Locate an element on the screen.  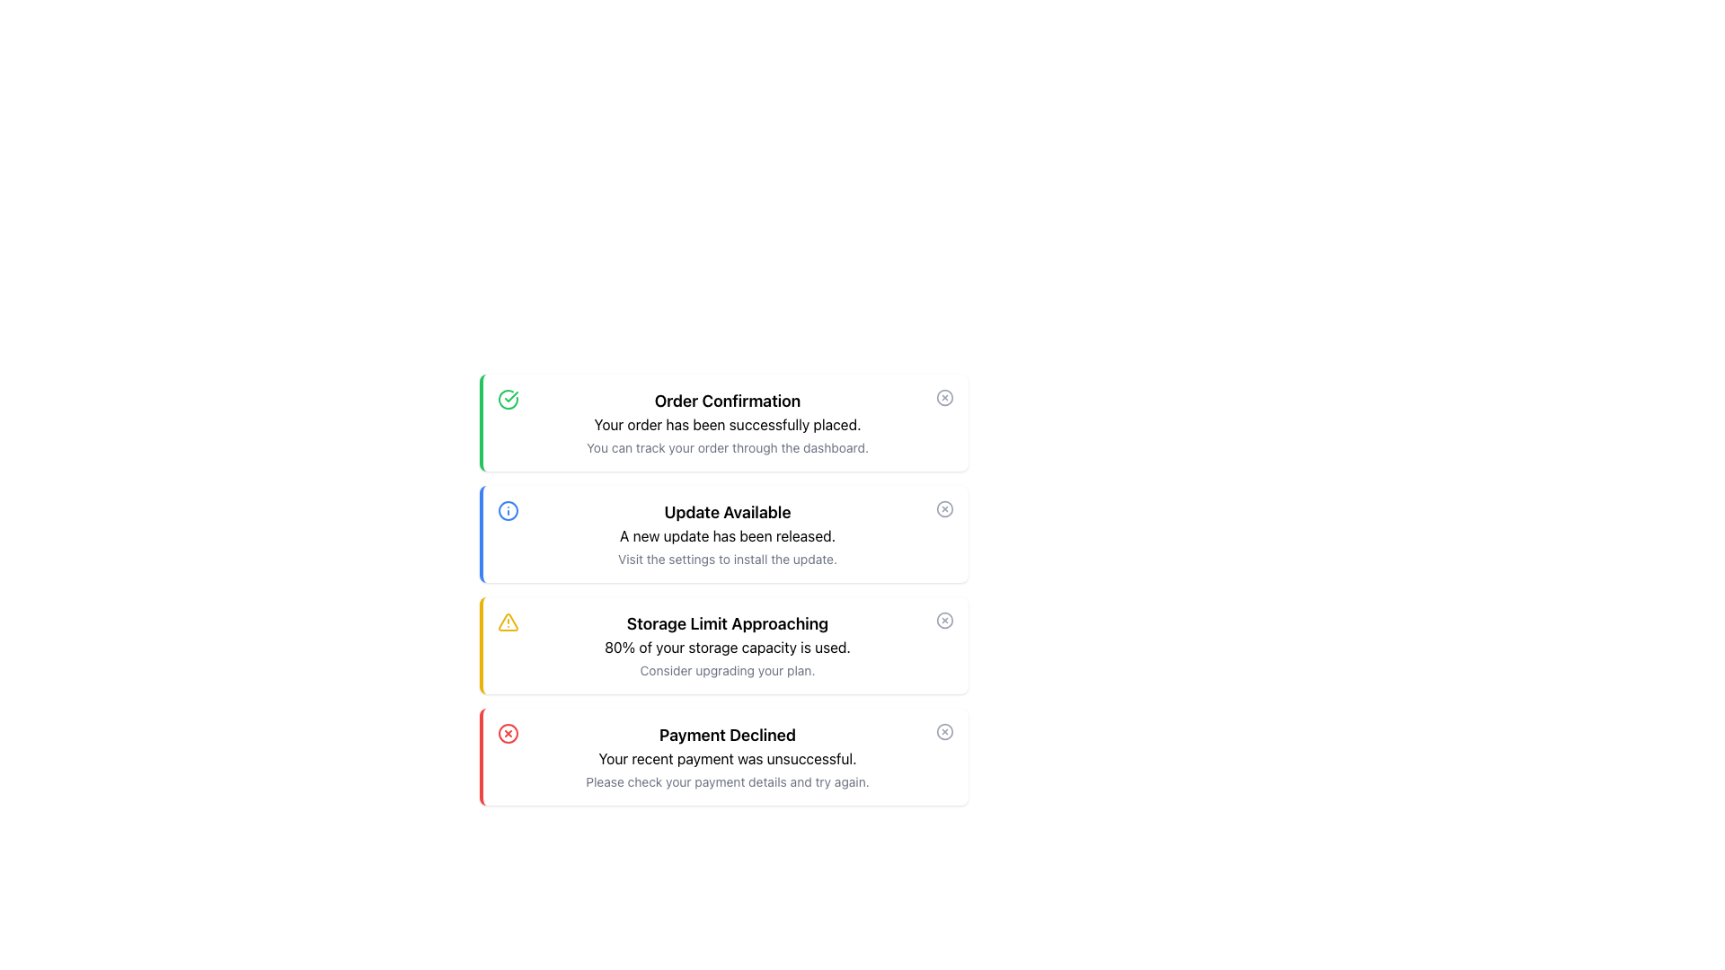
the red circular icon with a diagonal cross indicating an error, located at the top-left of the 'Payment Declined' notification card is located at coordinates (508, 734).